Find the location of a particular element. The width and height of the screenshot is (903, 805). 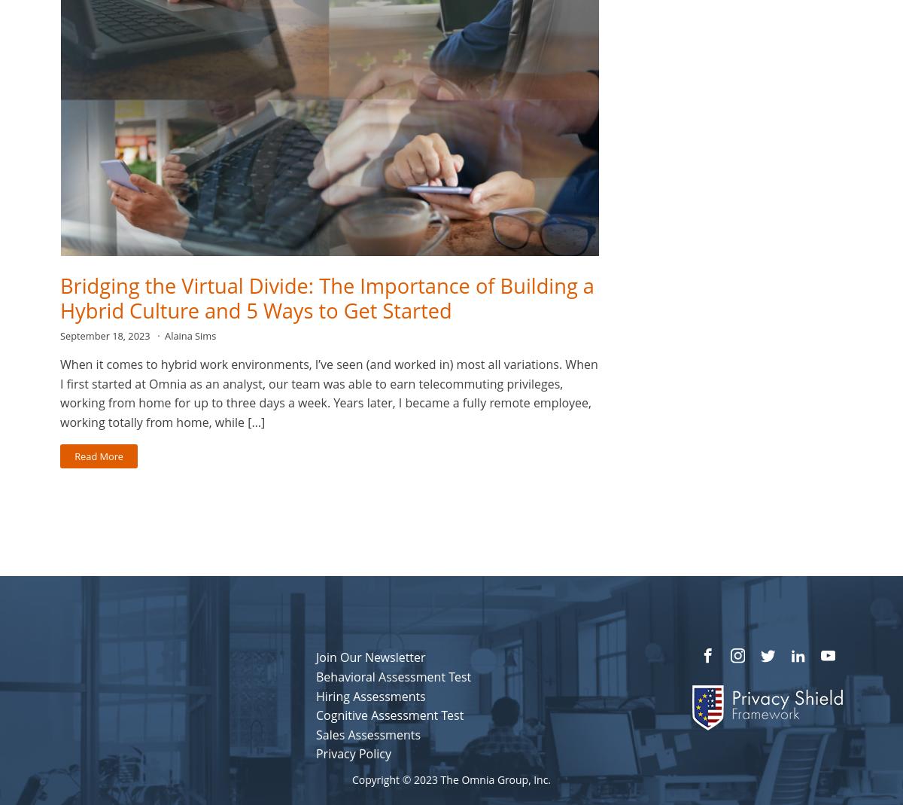

'Read More' is located at coordinates (99, 455).